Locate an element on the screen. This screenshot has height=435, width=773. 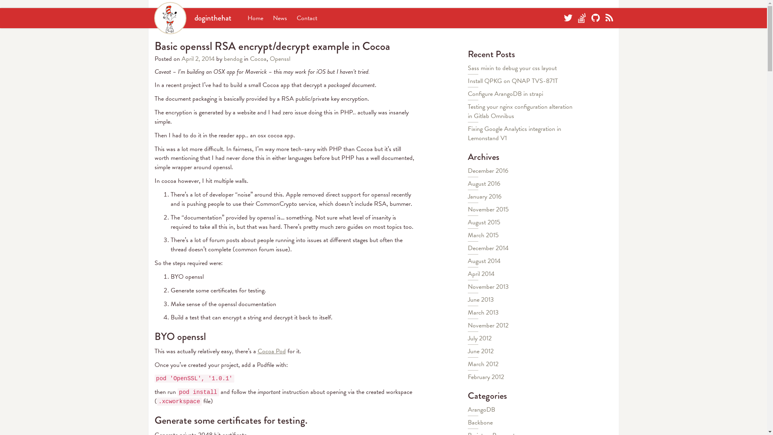
'News' is located at coordinates (273, 18).